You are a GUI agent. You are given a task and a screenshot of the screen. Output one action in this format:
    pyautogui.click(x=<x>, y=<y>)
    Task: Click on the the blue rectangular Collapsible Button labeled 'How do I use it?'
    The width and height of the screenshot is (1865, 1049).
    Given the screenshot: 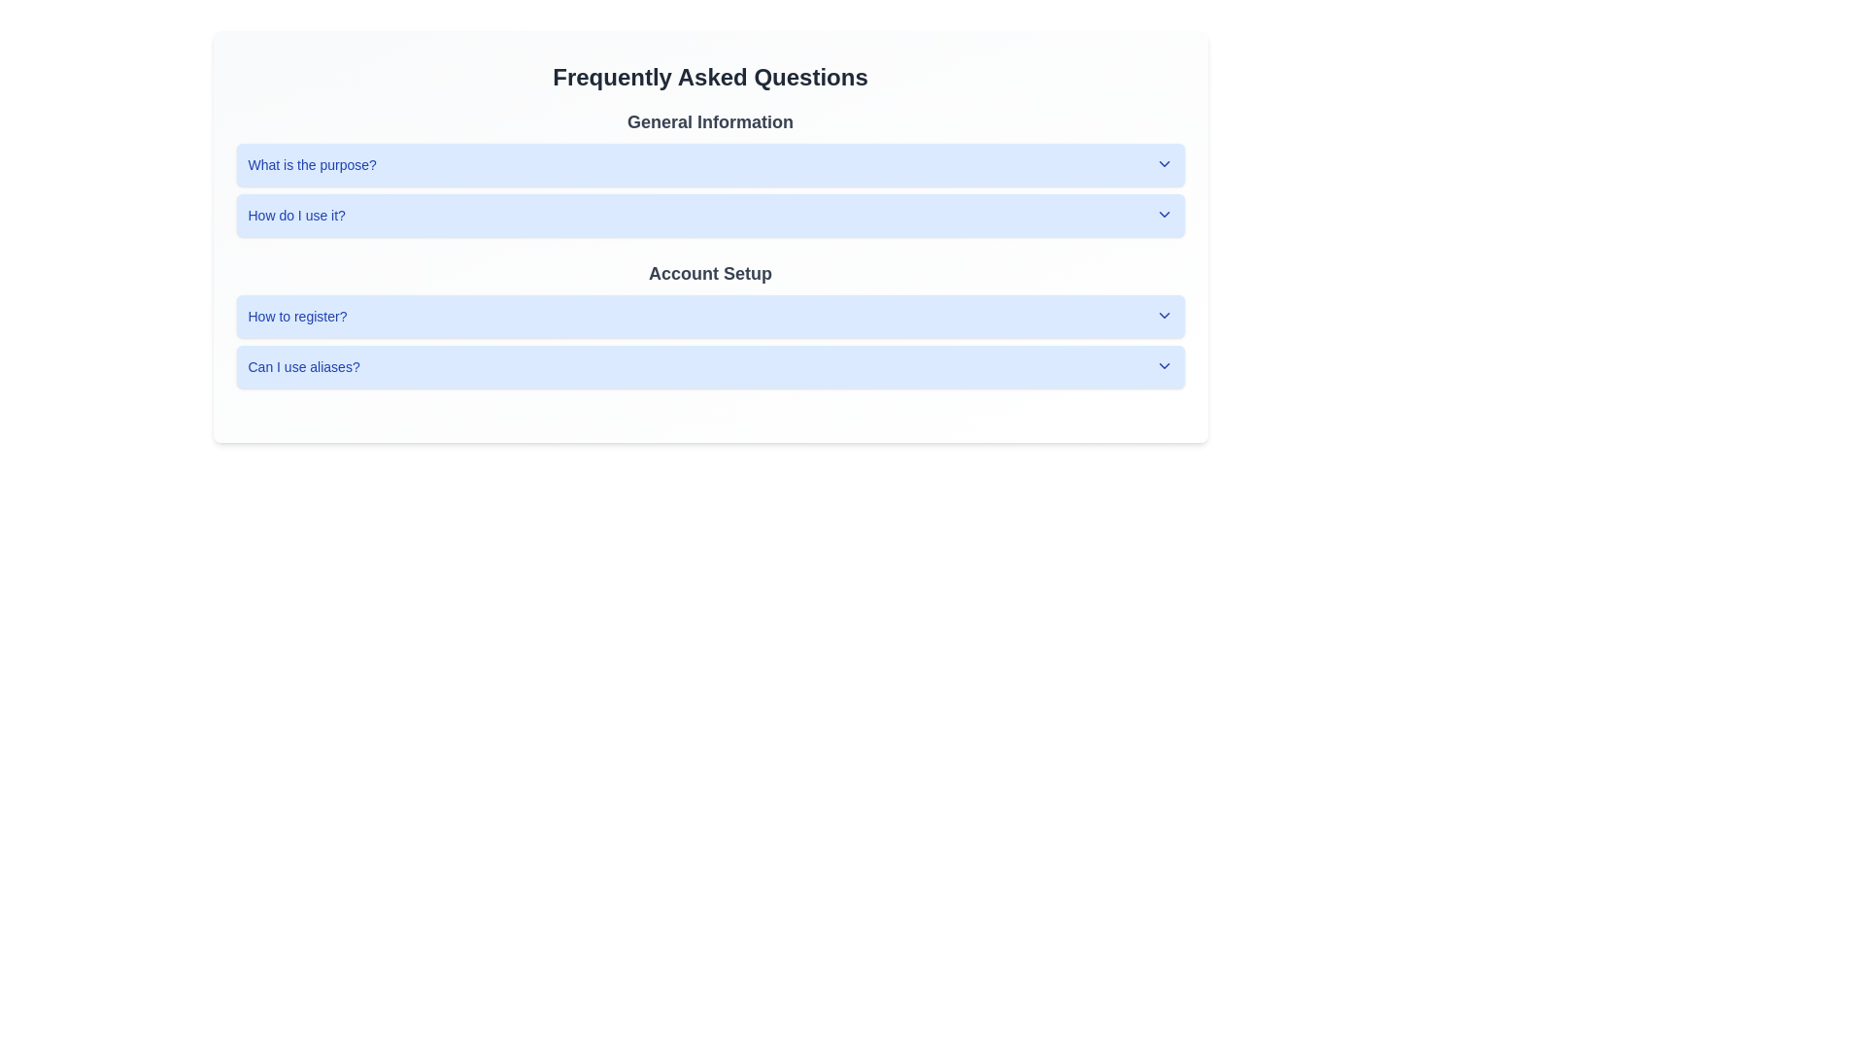 What is the action you would take?
    pyautogui.click(x=709, y=216)
    